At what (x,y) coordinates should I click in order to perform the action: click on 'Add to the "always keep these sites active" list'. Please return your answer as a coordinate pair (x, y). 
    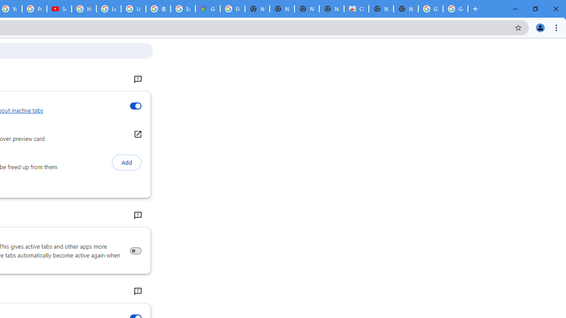
    Looking at the image, I should click on (126, 163).